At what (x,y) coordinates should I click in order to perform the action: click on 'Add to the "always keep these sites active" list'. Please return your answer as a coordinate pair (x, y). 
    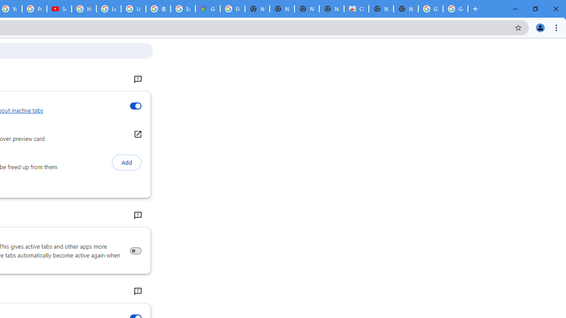
    Looking at the image, I should click on (126, 163).